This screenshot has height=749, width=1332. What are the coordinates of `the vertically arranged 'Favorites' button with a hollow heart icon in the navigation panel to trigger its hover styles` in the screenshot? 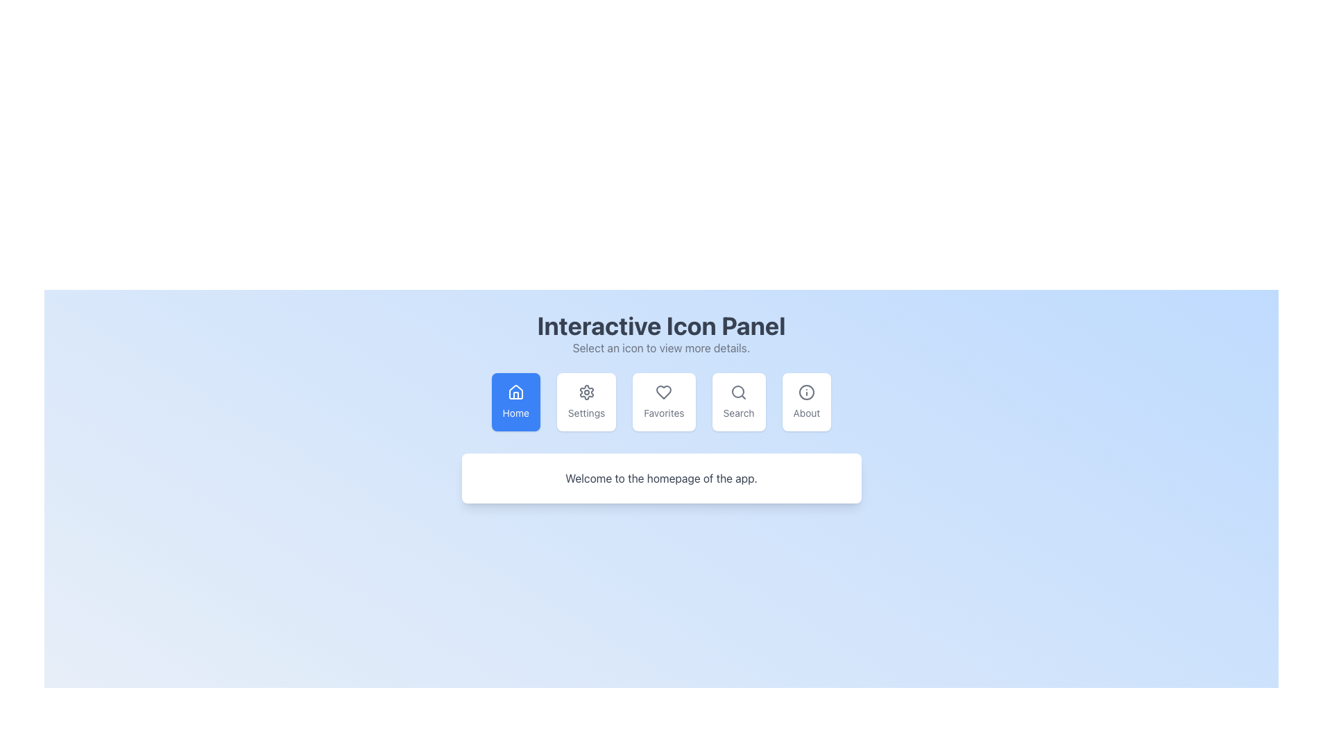 It's located at (663, 402).